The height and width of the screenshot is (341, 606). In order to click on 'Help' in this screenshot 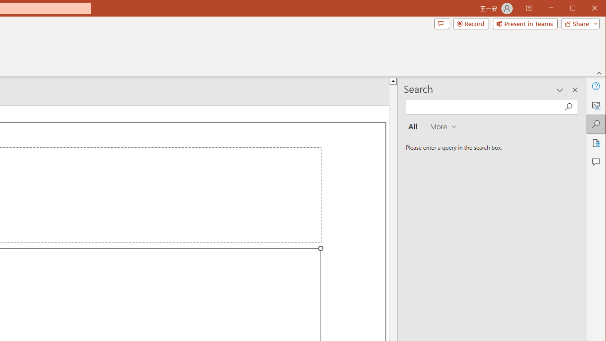, I will do `click(595, 86)`.